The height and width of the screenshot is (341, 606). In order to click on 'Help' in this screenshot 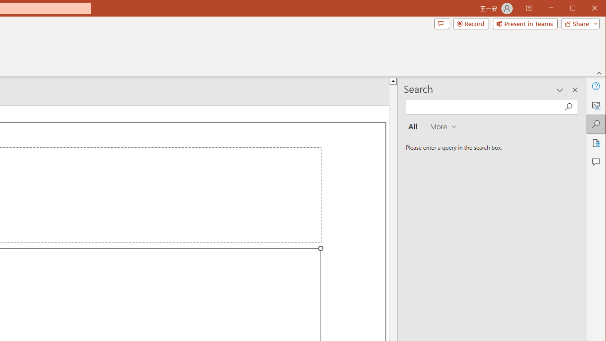, I will do `click(595, 86)`.